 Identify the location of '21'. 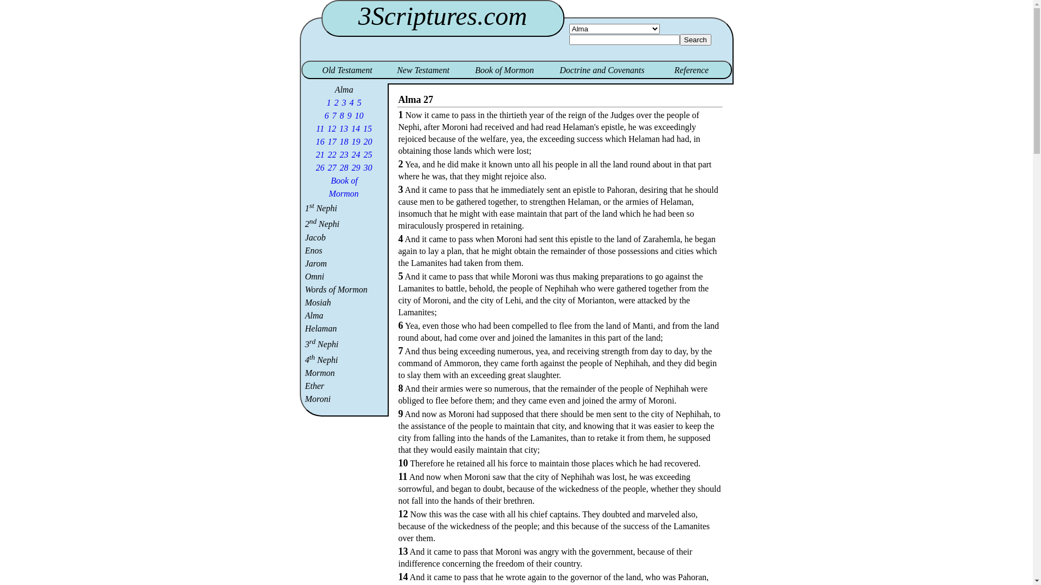
(319, 154).